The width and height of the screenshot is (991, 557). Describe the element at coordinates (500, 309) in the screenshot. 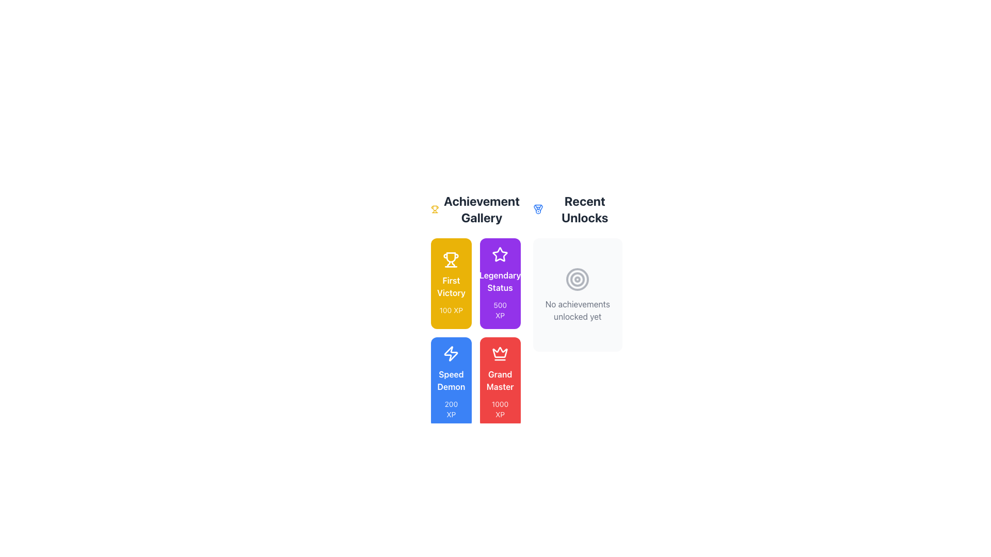

I see `the experience points (XP) display of the 'Legendary Status' achievement within the purple card in the second column, second row of the 'Achievement Gallery' grid` at that location.